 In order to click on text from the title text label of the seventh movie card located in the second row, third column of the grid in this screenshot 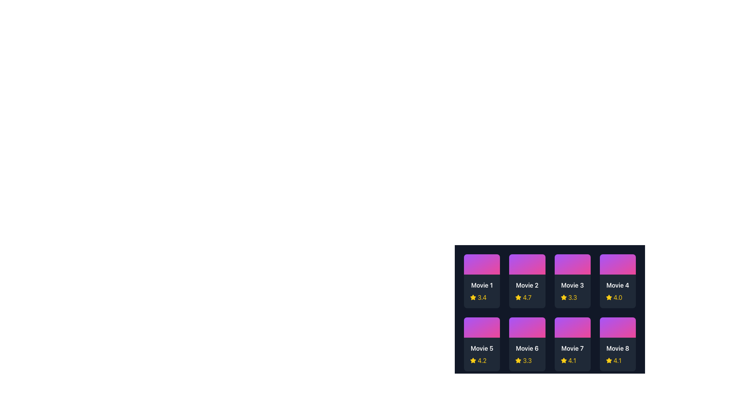, I will do `click(572, 348)`.